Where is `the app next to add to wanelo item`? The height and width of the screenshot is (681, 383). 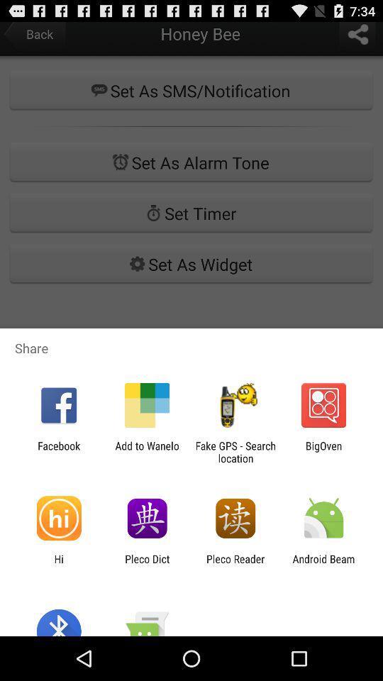
the app next to add to wanelo item is located at coordinates (58, 451).